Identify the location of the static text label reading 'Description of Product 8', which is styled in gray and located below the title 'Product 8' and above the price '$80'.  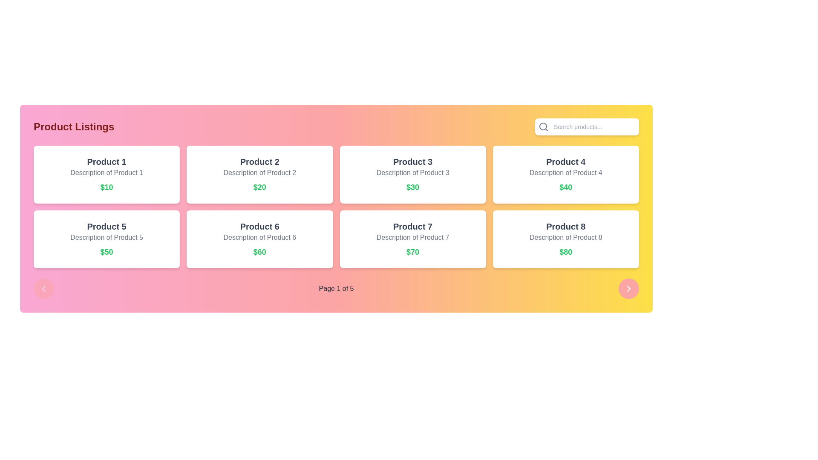
(566, 238).